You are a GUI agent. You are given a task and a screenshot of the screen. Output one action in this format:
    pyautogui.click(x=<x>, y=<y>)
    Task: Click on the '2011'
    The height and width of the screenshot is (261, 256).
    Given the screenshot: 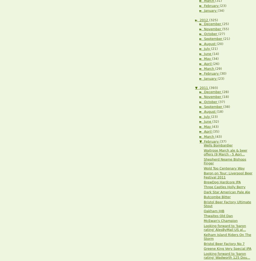 What is the action you would take?
    pyautogui.click(x=204, y=87)
    